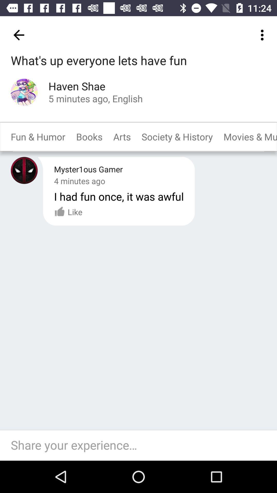 This screenshot has width=277, height=493. Describe the element at coordinates (119, 196) in the screenshot. I see `i had fun icon` at that location.